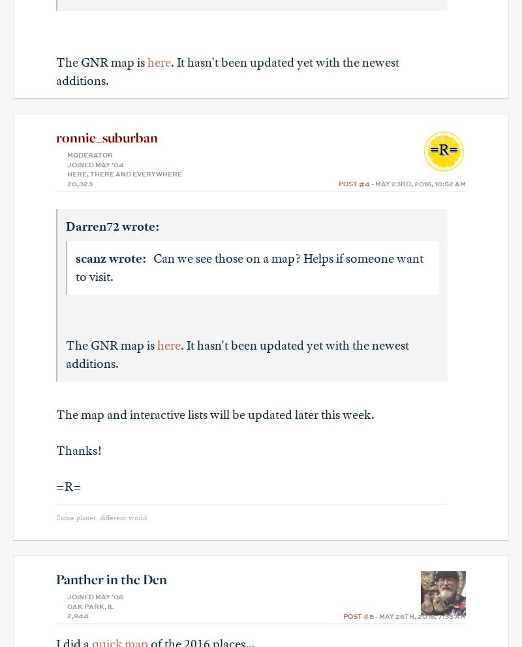  Describe the element at coordinates (112, 225) in the screenshot. I see `'Darren72 wrote:'` at that location.